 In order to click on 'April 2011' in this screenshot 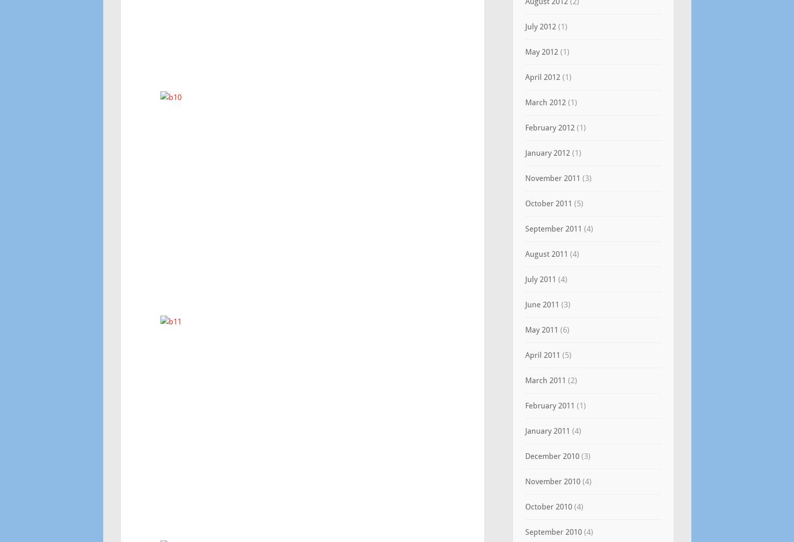, I will do `click(541, 355)`.